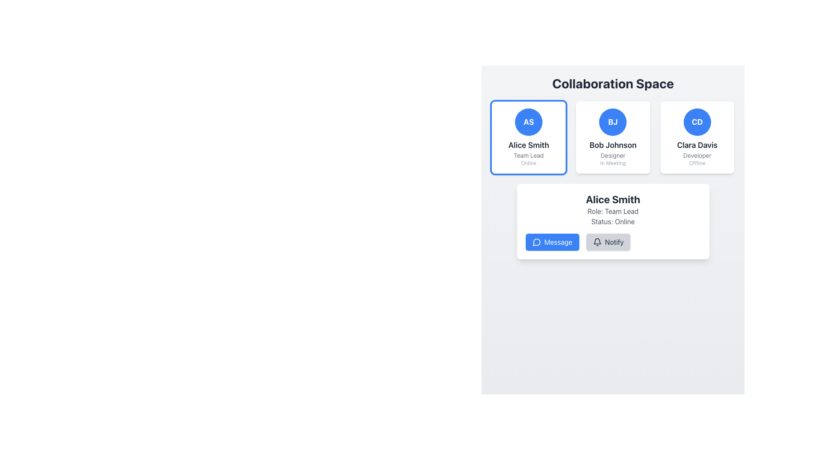 The image size is (824, 463). I want to click on the text label 'Alice Smith' which is positioned below the blue circular badge with initials 'AS' in the card layout, so click(528, 145).